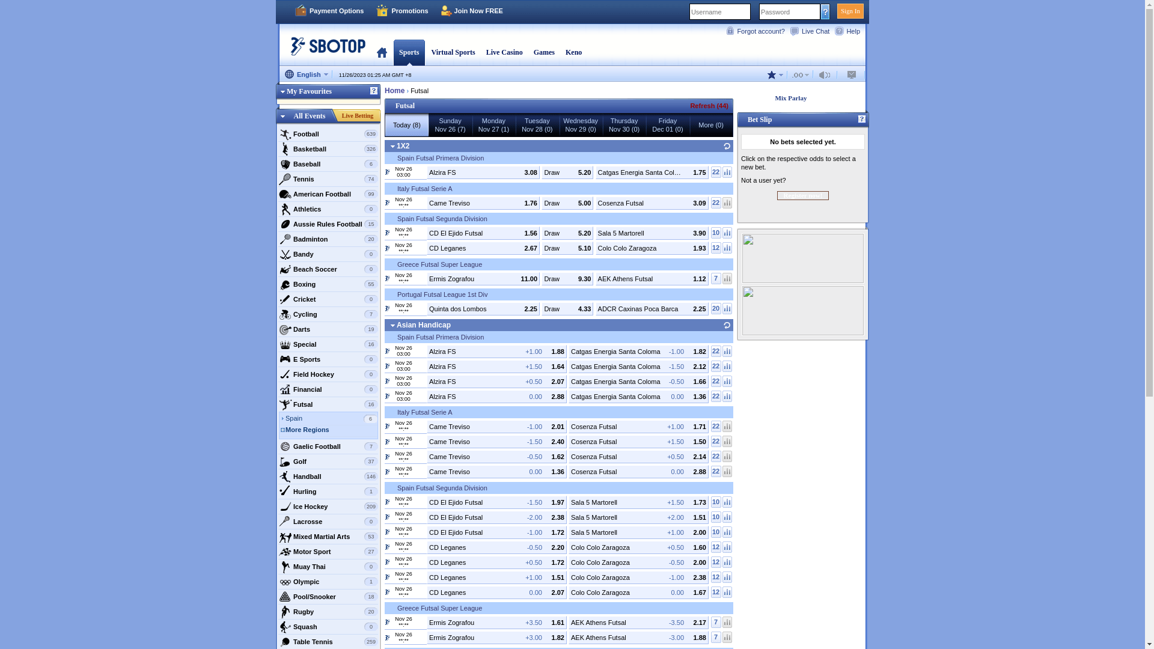 The height and width of the screenshot is (649, 1154). Describe the element at coordinates (328, 460) in the screenshot. I see `'Golf` at that location.